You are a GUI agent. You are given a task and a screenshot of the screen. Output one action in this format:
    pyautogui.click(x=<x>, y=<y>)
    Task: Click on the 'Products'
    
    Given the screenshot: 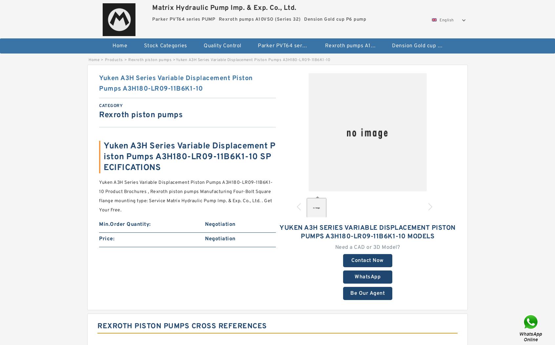 What is the action you would take?
    pyautogui.click(x=104, y=60)
    